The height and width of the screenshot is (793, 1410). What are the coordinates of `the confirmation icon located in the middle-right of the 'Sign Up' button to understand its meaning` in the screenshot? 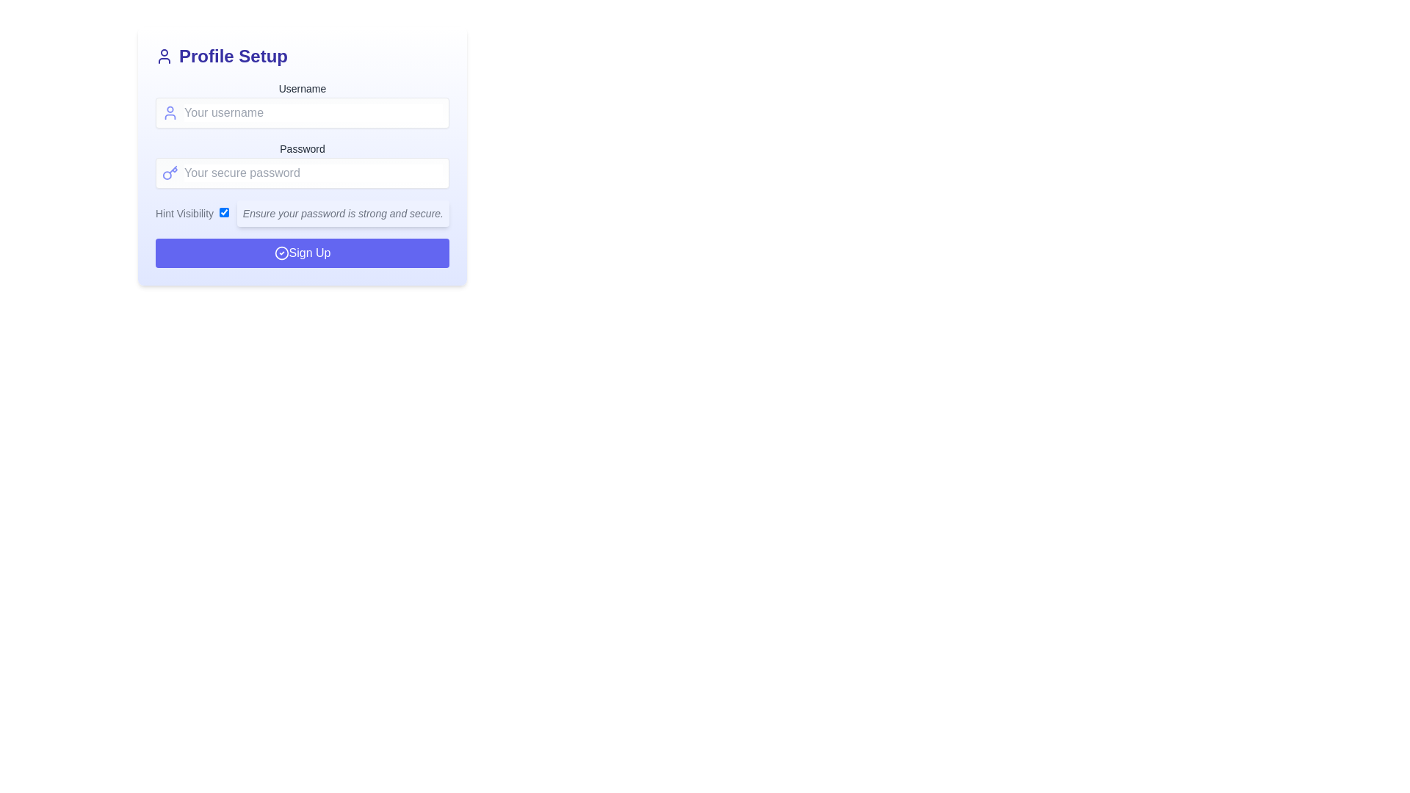 It's located at (281, 252).